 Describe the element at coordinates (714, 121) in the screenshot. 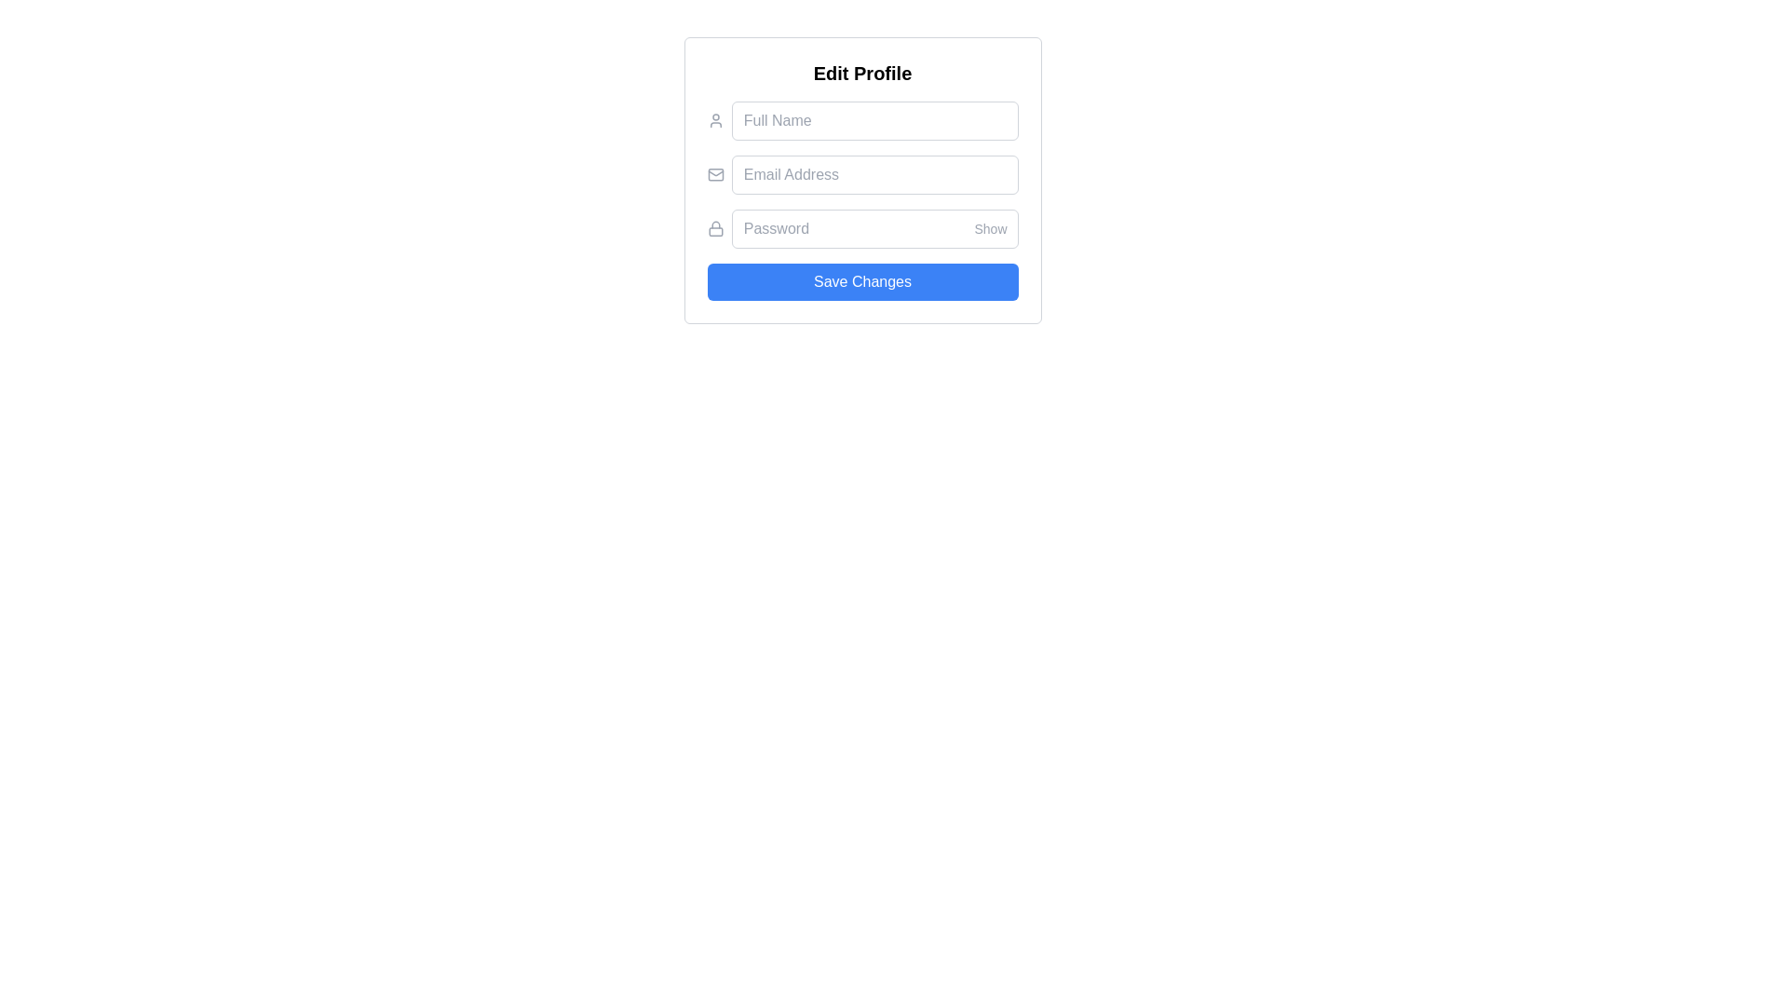

I see `the user profile icon, which is a minimalistic outline of a person's head and shoulders, located to the left of the 'Full Name' input field at the top of the form` at that location.